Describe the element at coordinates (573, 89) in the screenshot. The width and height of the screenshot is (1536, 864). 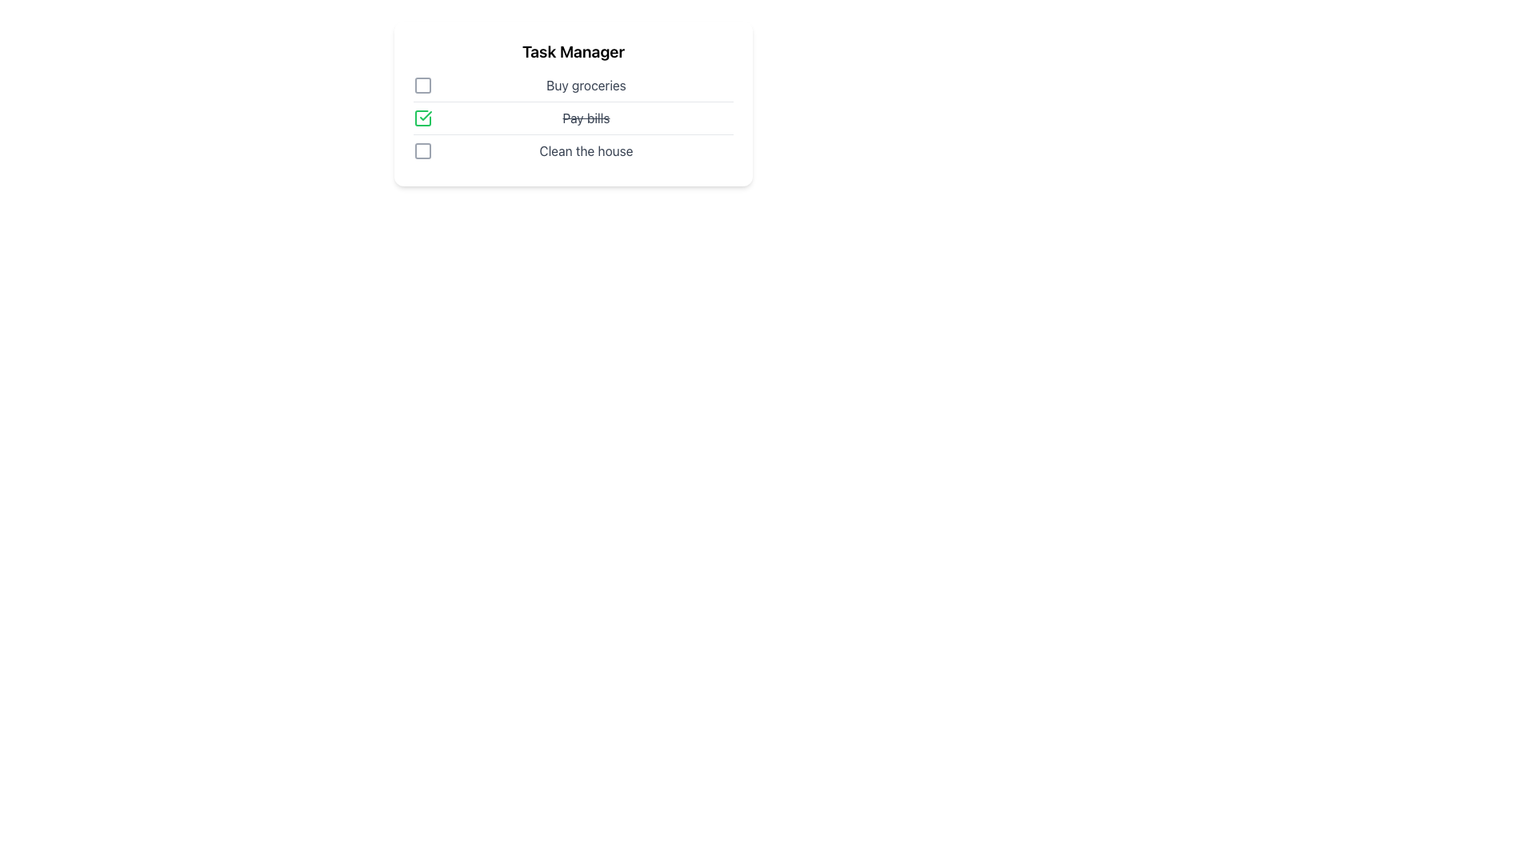
I see `the first list item labeled 'Buy groceries' in the Task Manager for additional actions` at that location.